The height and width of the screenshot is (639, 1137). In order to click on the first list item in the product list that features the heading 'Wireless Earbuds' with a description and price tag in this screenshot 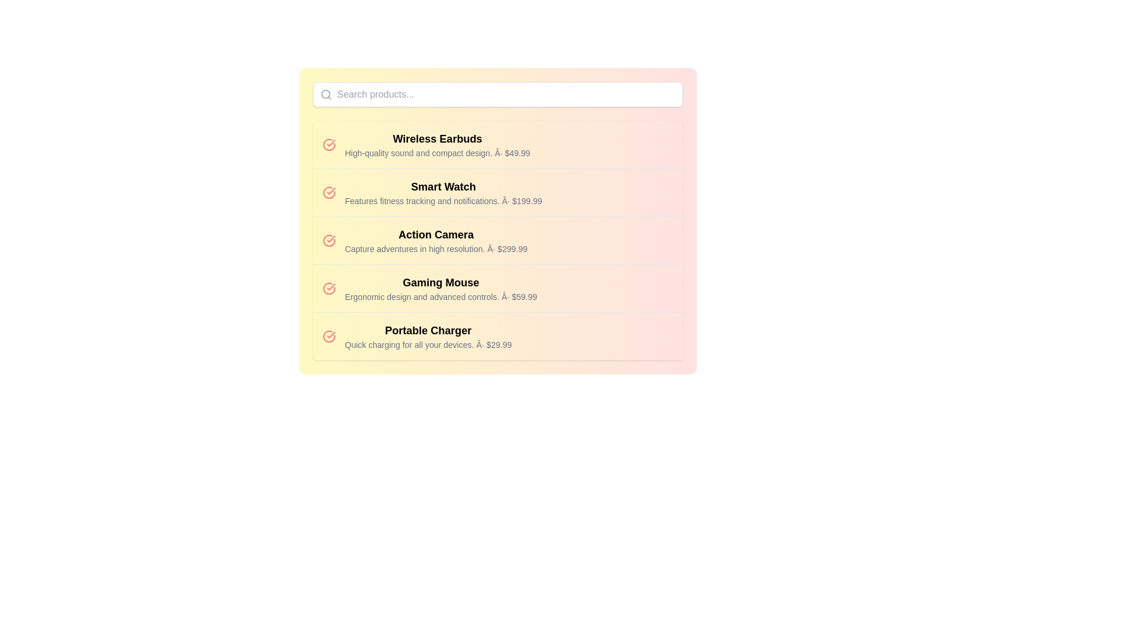, I will do `click(497, 144)`.